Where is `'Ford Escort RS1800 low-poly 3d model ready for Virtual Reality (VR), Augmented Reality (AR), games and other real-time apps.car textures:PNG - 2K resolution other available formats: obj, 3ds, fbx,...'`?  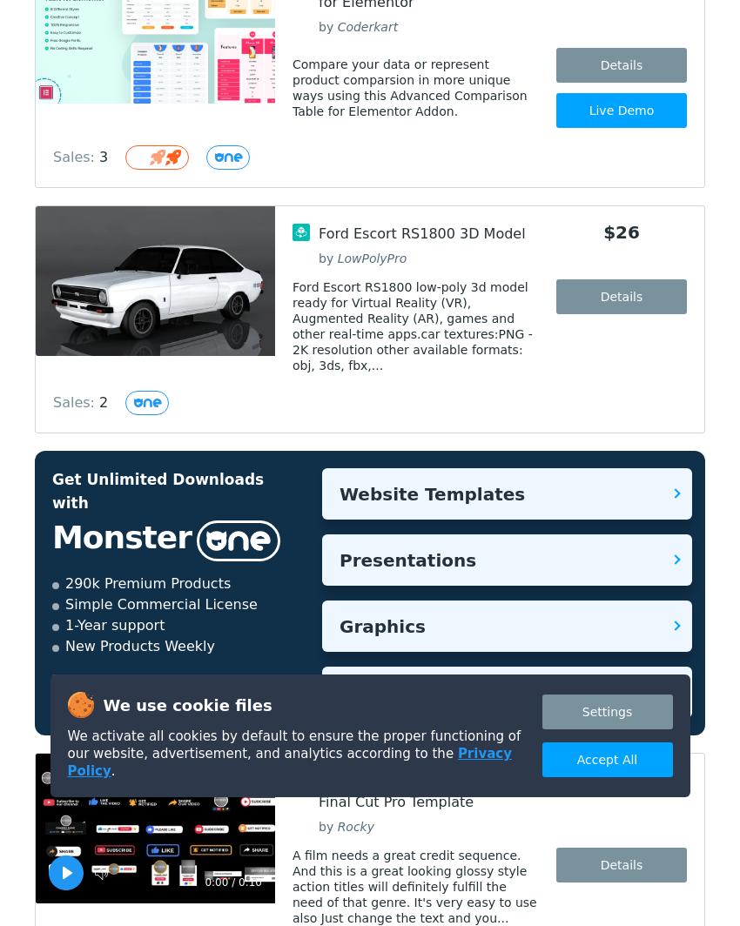
'Ford Escort RS1800 low-poly 3d model ready for Virtual Reality (VR), Augmented Reality (AR), games and other real-time apps.car textures:PNG - 2K resolution other available formats: obj, 3ds, fbx,...' is located at coordinates (412, 325).